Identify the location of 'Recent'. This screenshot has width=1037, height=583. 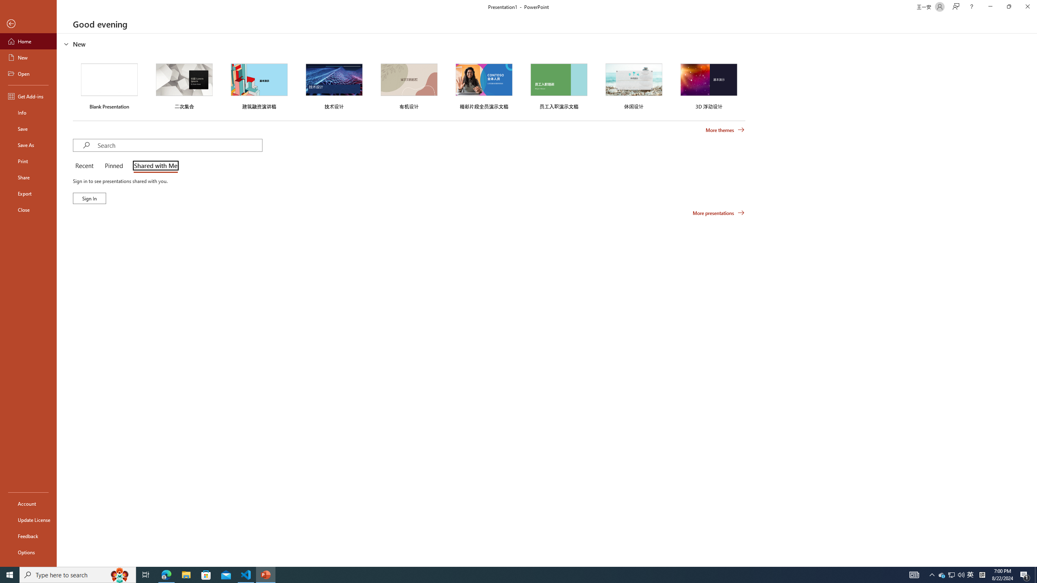
(85, 166).